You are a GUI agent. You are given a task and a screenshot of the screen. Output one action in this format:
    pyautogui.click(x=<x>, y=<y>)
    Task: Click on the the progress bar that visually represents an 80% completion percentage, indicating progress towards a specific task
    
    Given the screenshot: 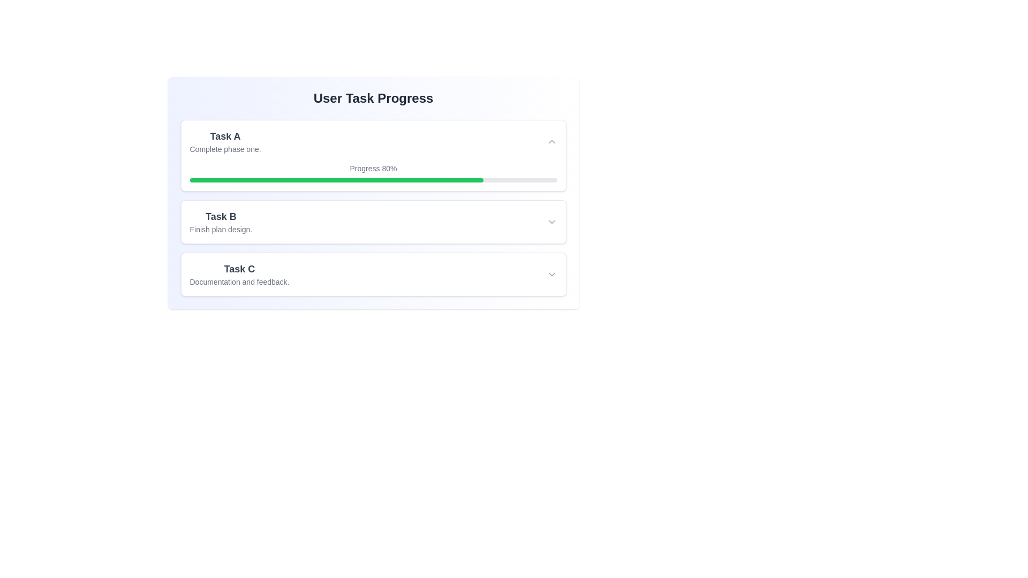 What is the action you would take?
    pyautogui.click(x=336, y=179)
    